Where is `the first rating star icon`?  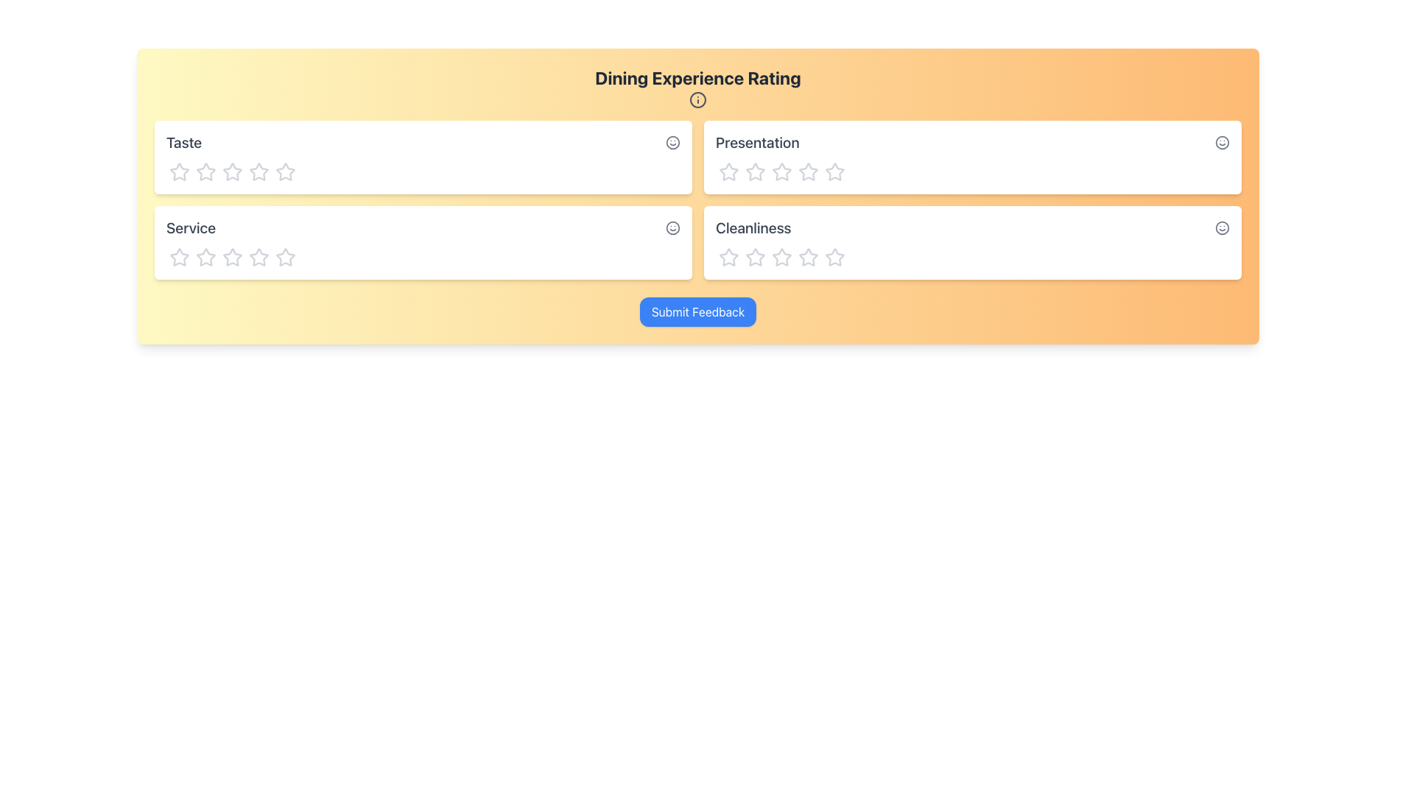 the first rating star icon is located at coordinates (205, 256).